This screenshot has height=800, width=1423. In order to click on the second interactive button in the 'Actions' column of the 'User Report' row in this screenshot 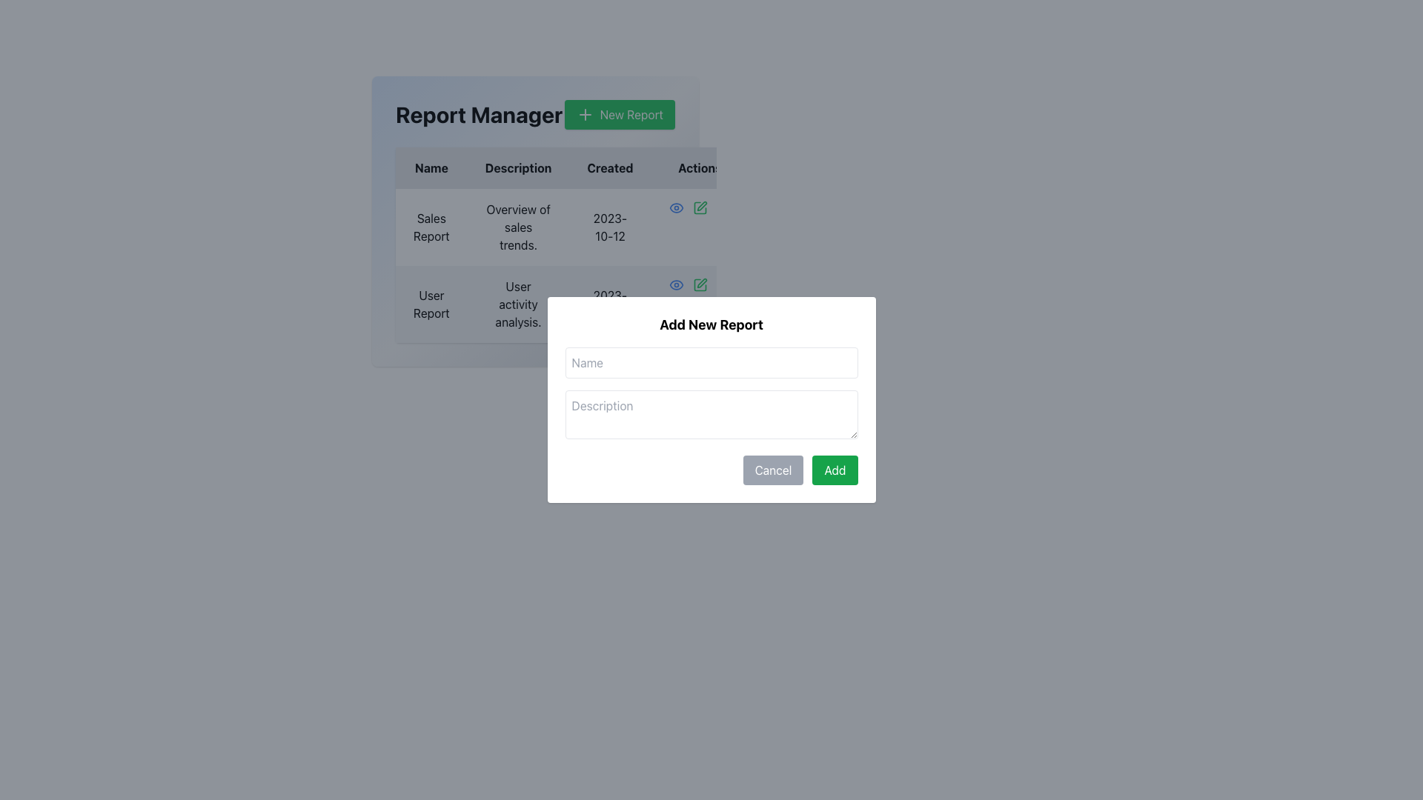, I will do `click(699, 285)`.